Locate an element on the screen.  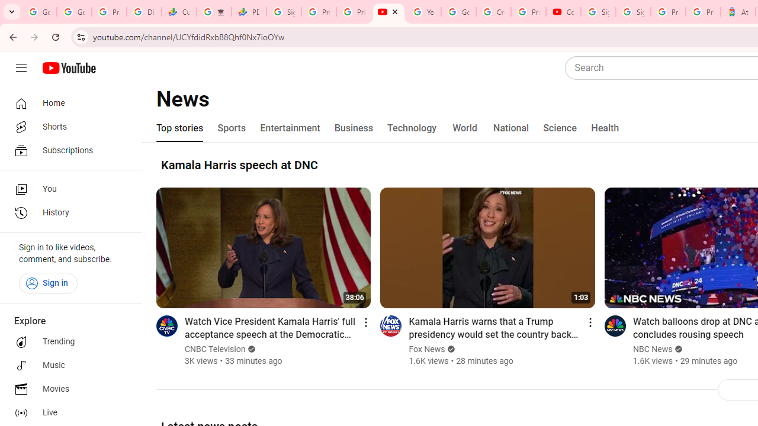
'Top stories' is located at coordinates (179, 128).